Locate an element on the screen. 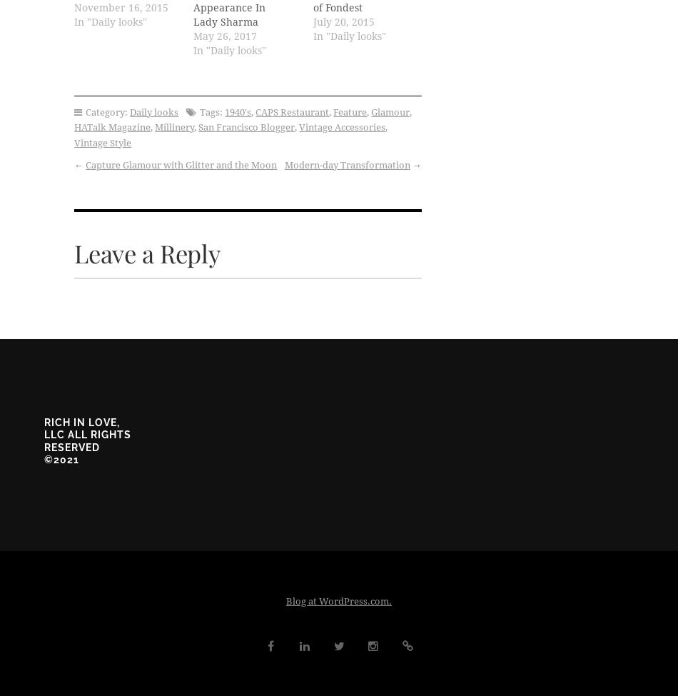  'Feature' is located at coordinates (350, 111).